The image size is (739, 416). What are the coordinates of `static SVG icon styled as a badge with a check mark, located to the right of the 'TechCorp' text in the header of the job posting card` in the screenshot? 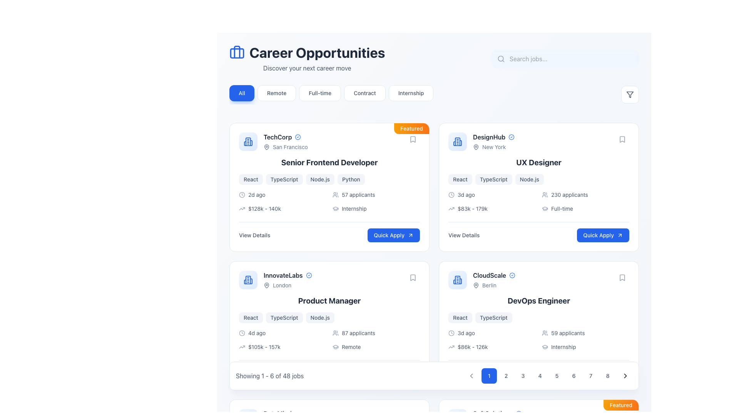 It's located at (298, 136).